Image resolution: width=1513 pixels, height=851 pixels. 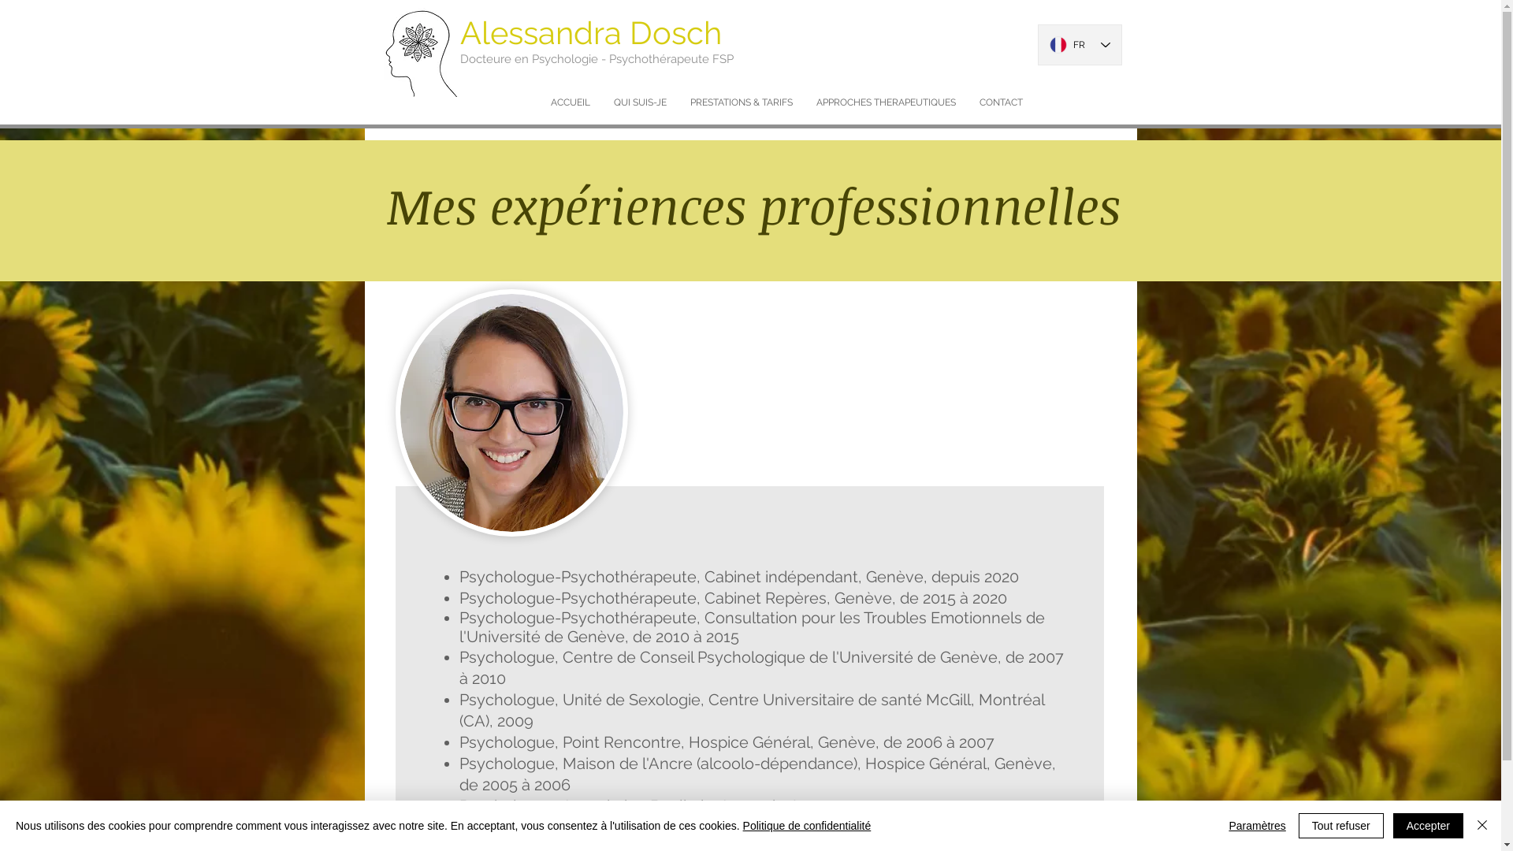 I want to click on 'CONTACT', so click(x=1000, y=102).